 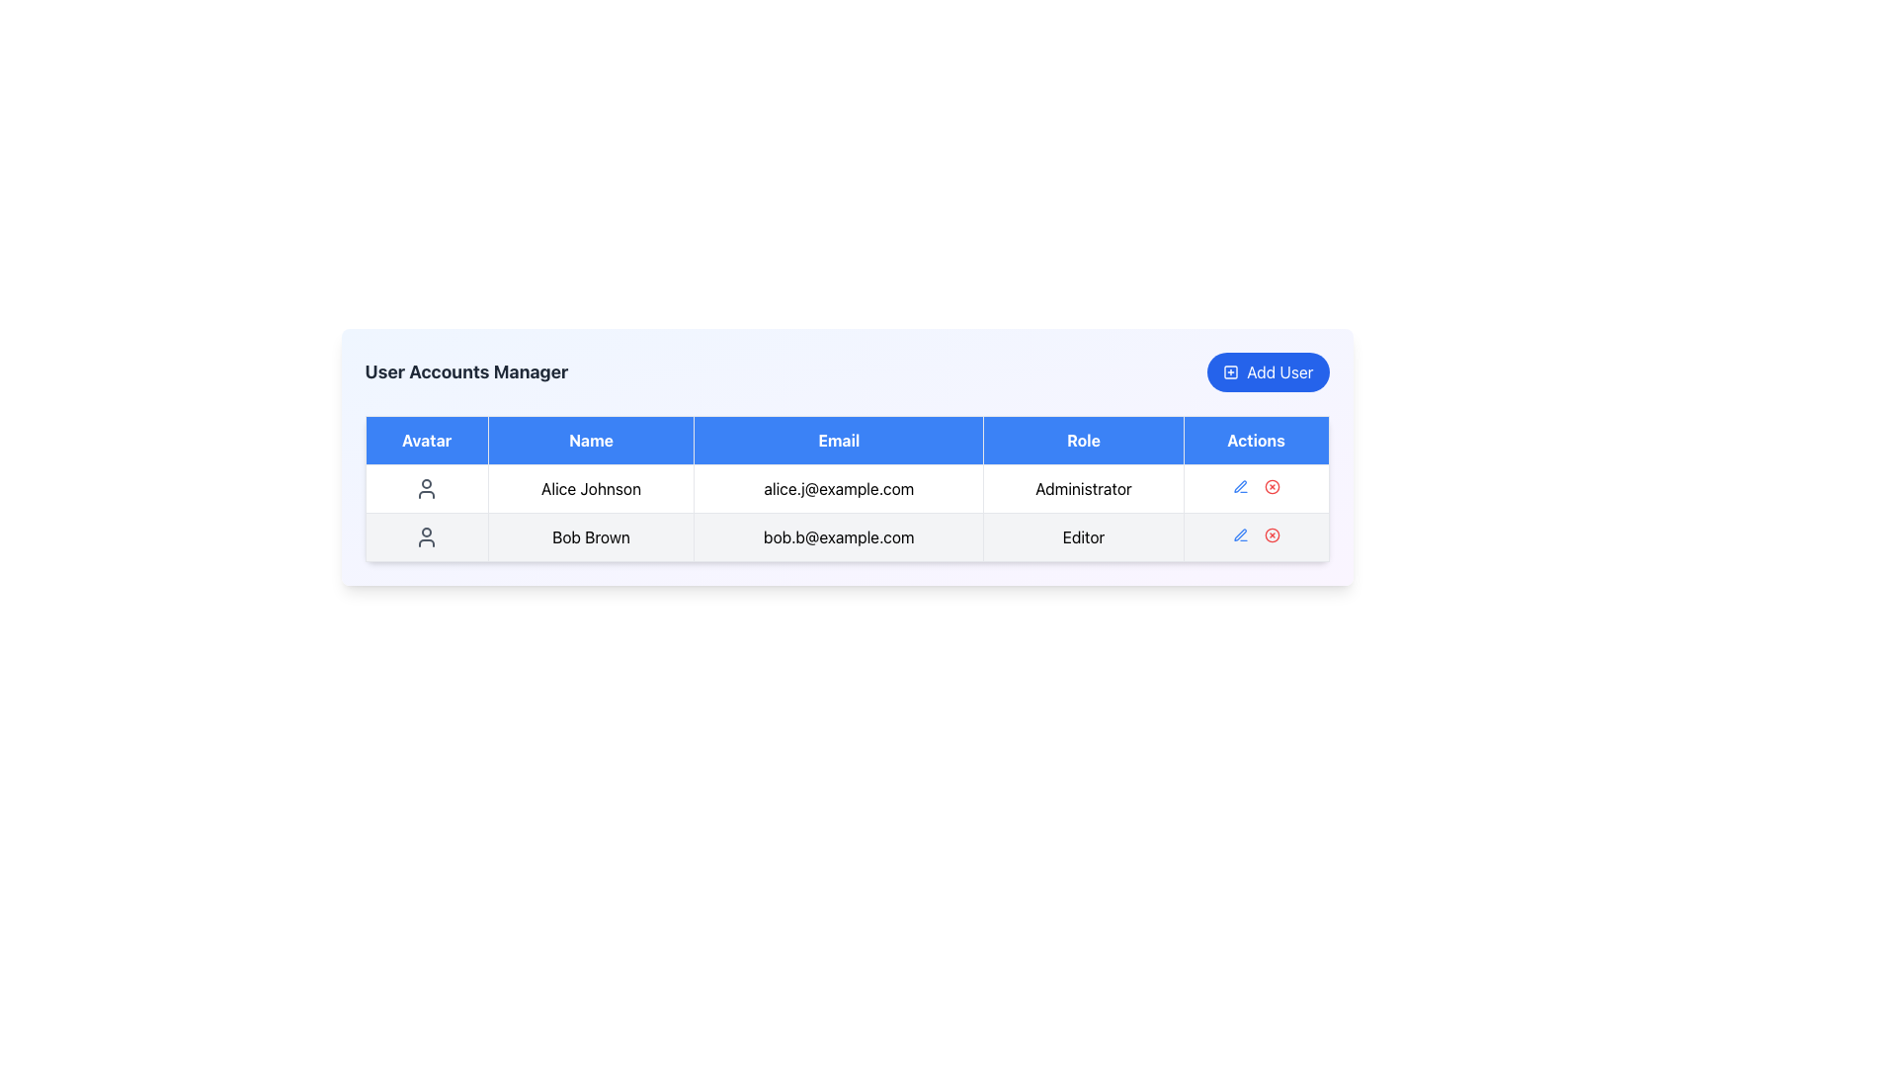 I want to click on the Table Header Row that contains labels for 'Avatar', 'Name', 'Email', 'Role', and 'Actions' in the User Accounts Manager, so click(x=847, y=440).